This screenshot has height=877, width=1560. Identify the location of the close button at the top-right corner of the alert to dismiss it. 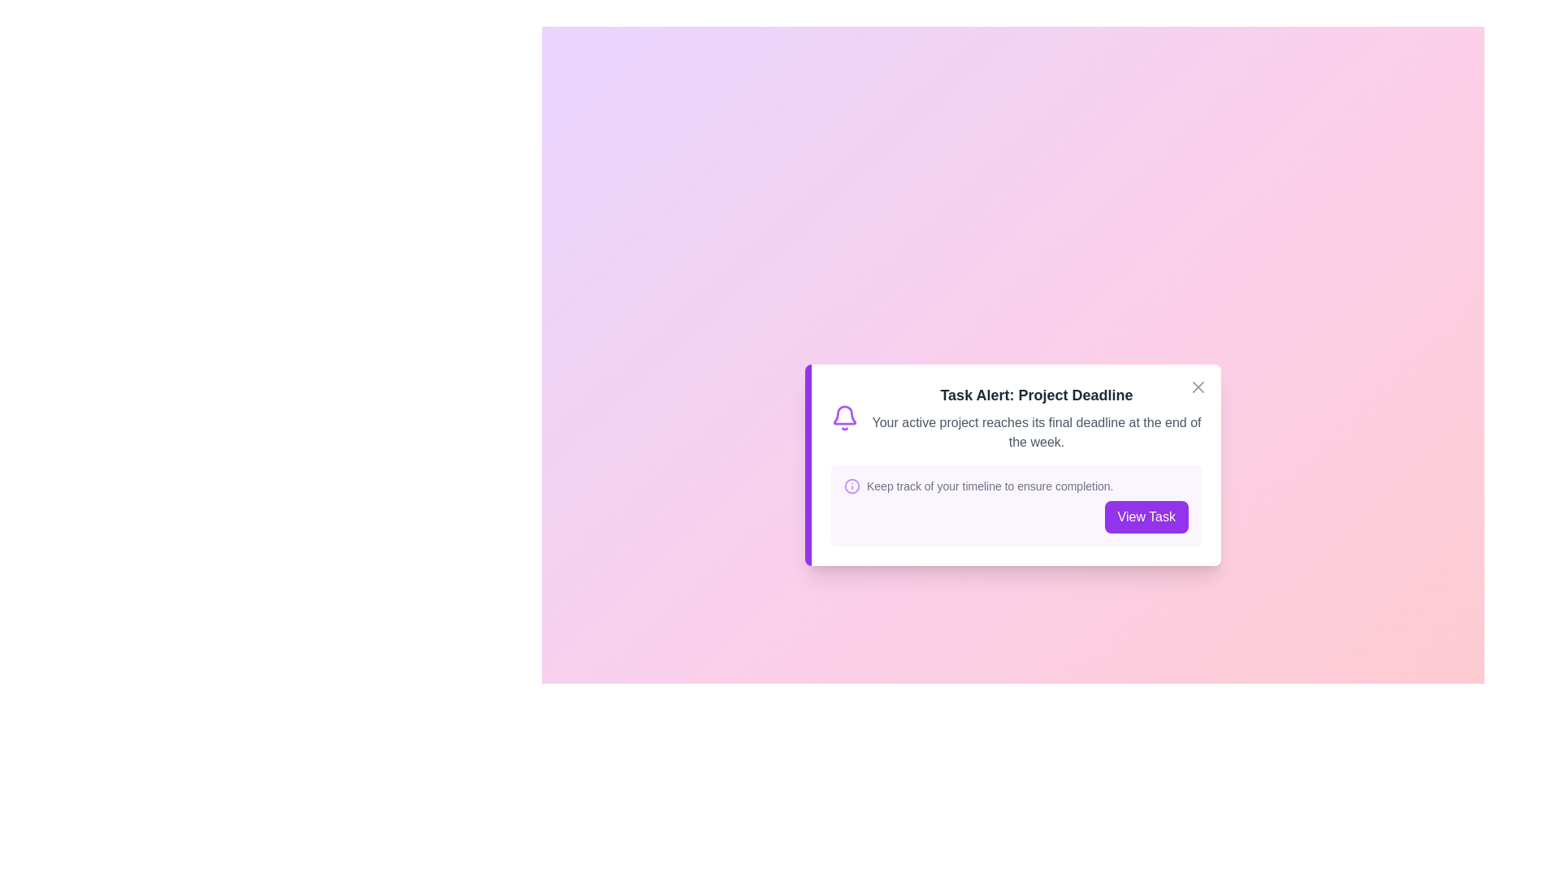
(1198, 387).